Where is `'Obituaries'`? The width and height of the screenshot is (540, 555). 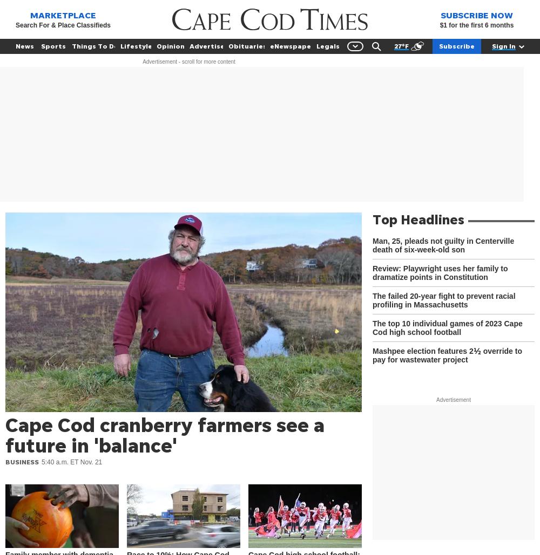
'Obituaries' is located at coordinates (247, 45).